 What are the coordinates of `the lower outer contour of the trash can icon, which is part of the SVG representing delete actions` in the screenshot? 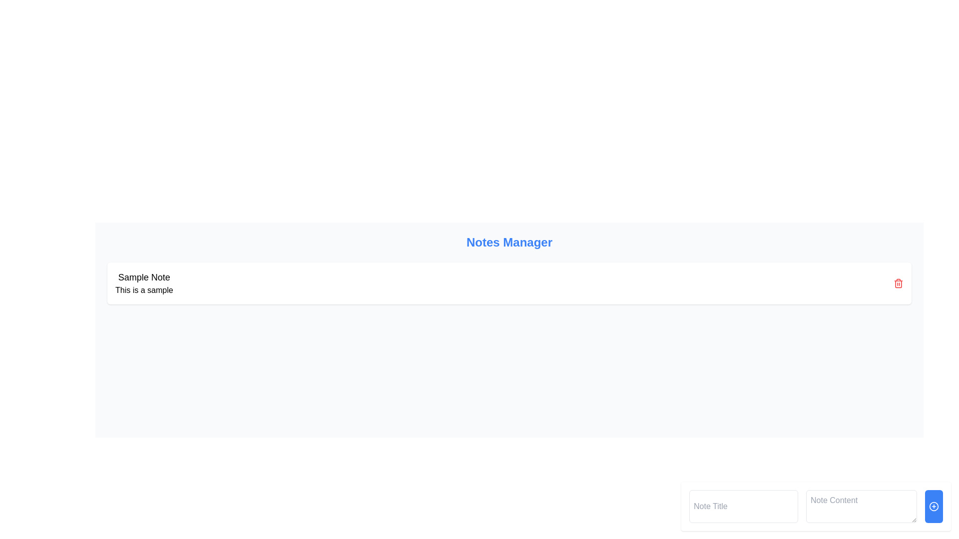 It's located at (899, 284).